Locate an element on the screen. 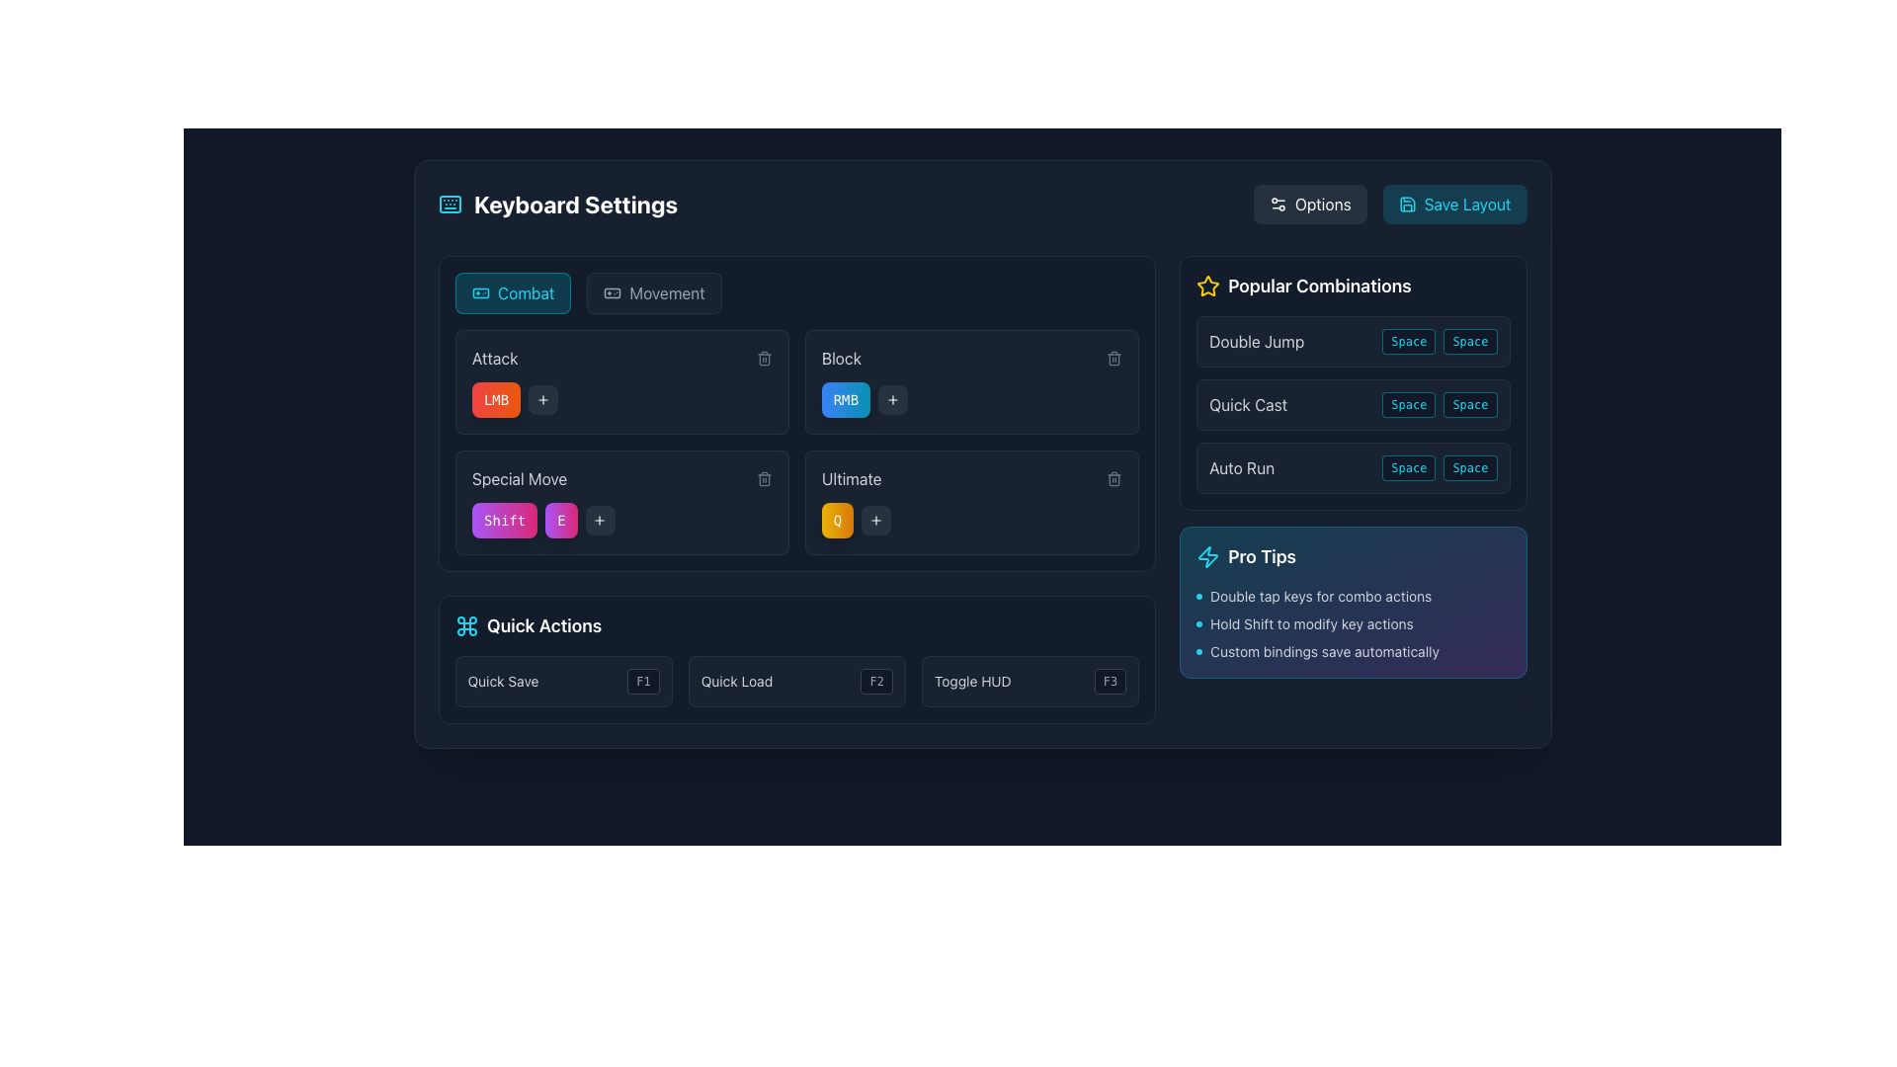  the keyboard shortcut label element styled with a dark gray background and containing the text 'F1' is located at coordinates (643, 681).